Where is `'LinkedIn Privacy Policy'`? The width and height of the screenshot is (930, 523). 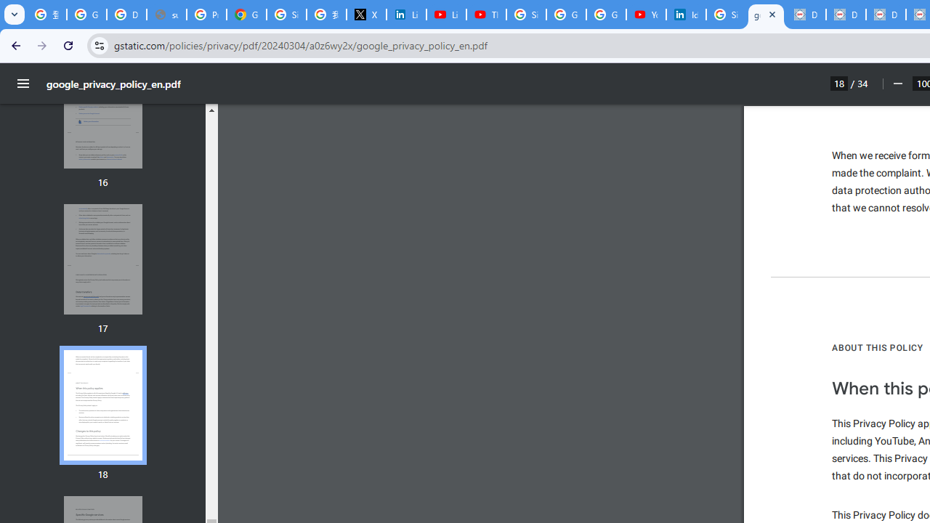 'LinkedIn Privacy Policy' is located at coordinates (407, 15).